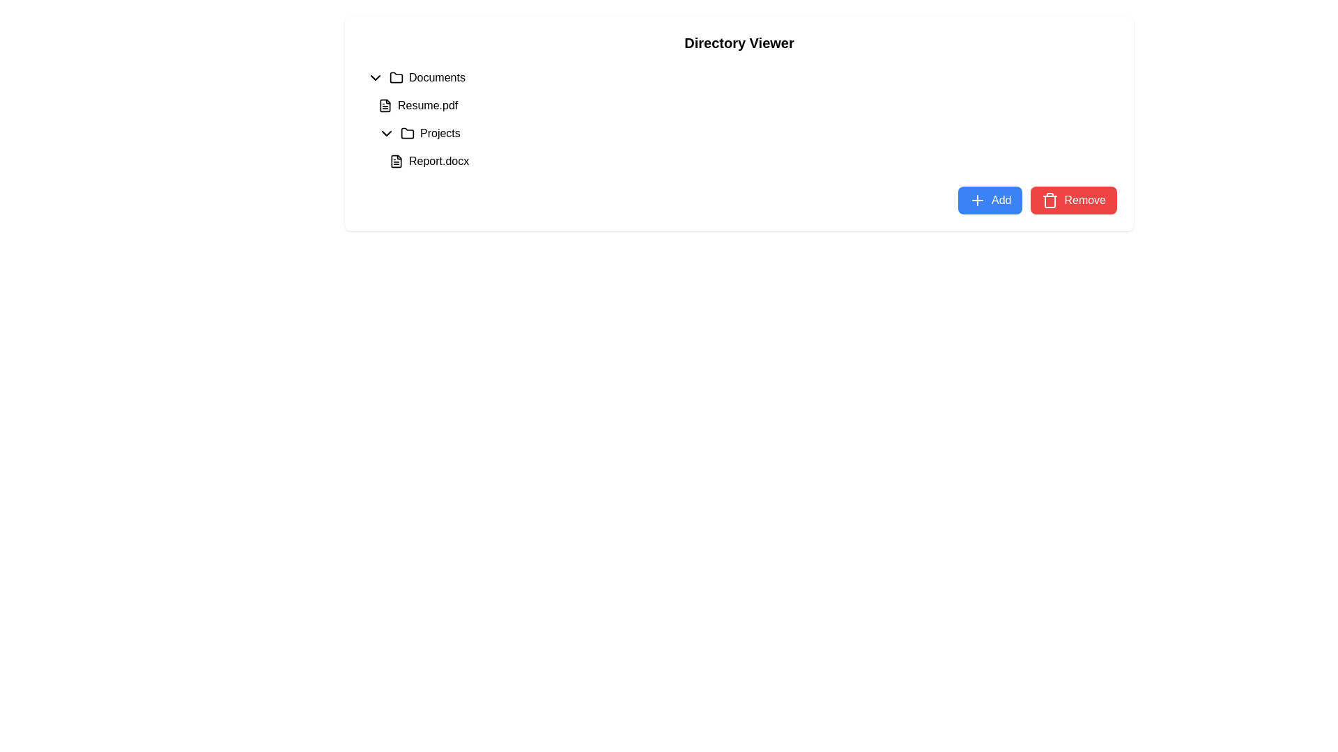 This screenshot has height=752, width=1338. Describe the element at coordinates (436, 77) in the screenshot. I see `the 'Documents' text label, which is displayed in bold font and located to the right of a folder icon, aligned with an arrow indicator` at that location.